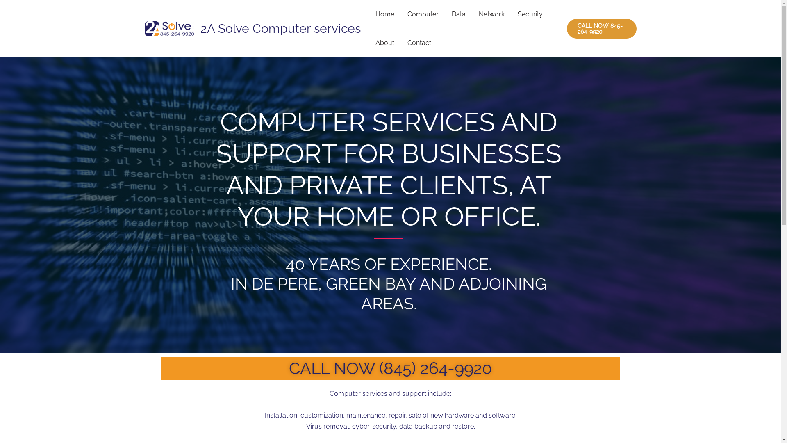 Image resolution: width=787 pixels, height=443 pixels. Describe the element at coordinates (566, 28) in the screenshot. I see `'CALL NOW 845-264-9920'` at that location.